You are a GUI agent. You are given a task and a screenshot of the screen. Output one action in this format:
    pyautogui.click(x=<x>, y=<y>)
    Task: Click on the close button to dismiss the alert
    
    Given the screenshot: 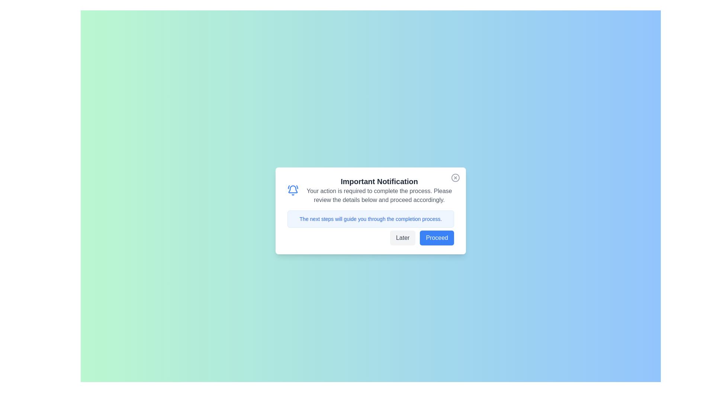 What is the action you would take?
    pyautogui.click(x=455, y=177)
    